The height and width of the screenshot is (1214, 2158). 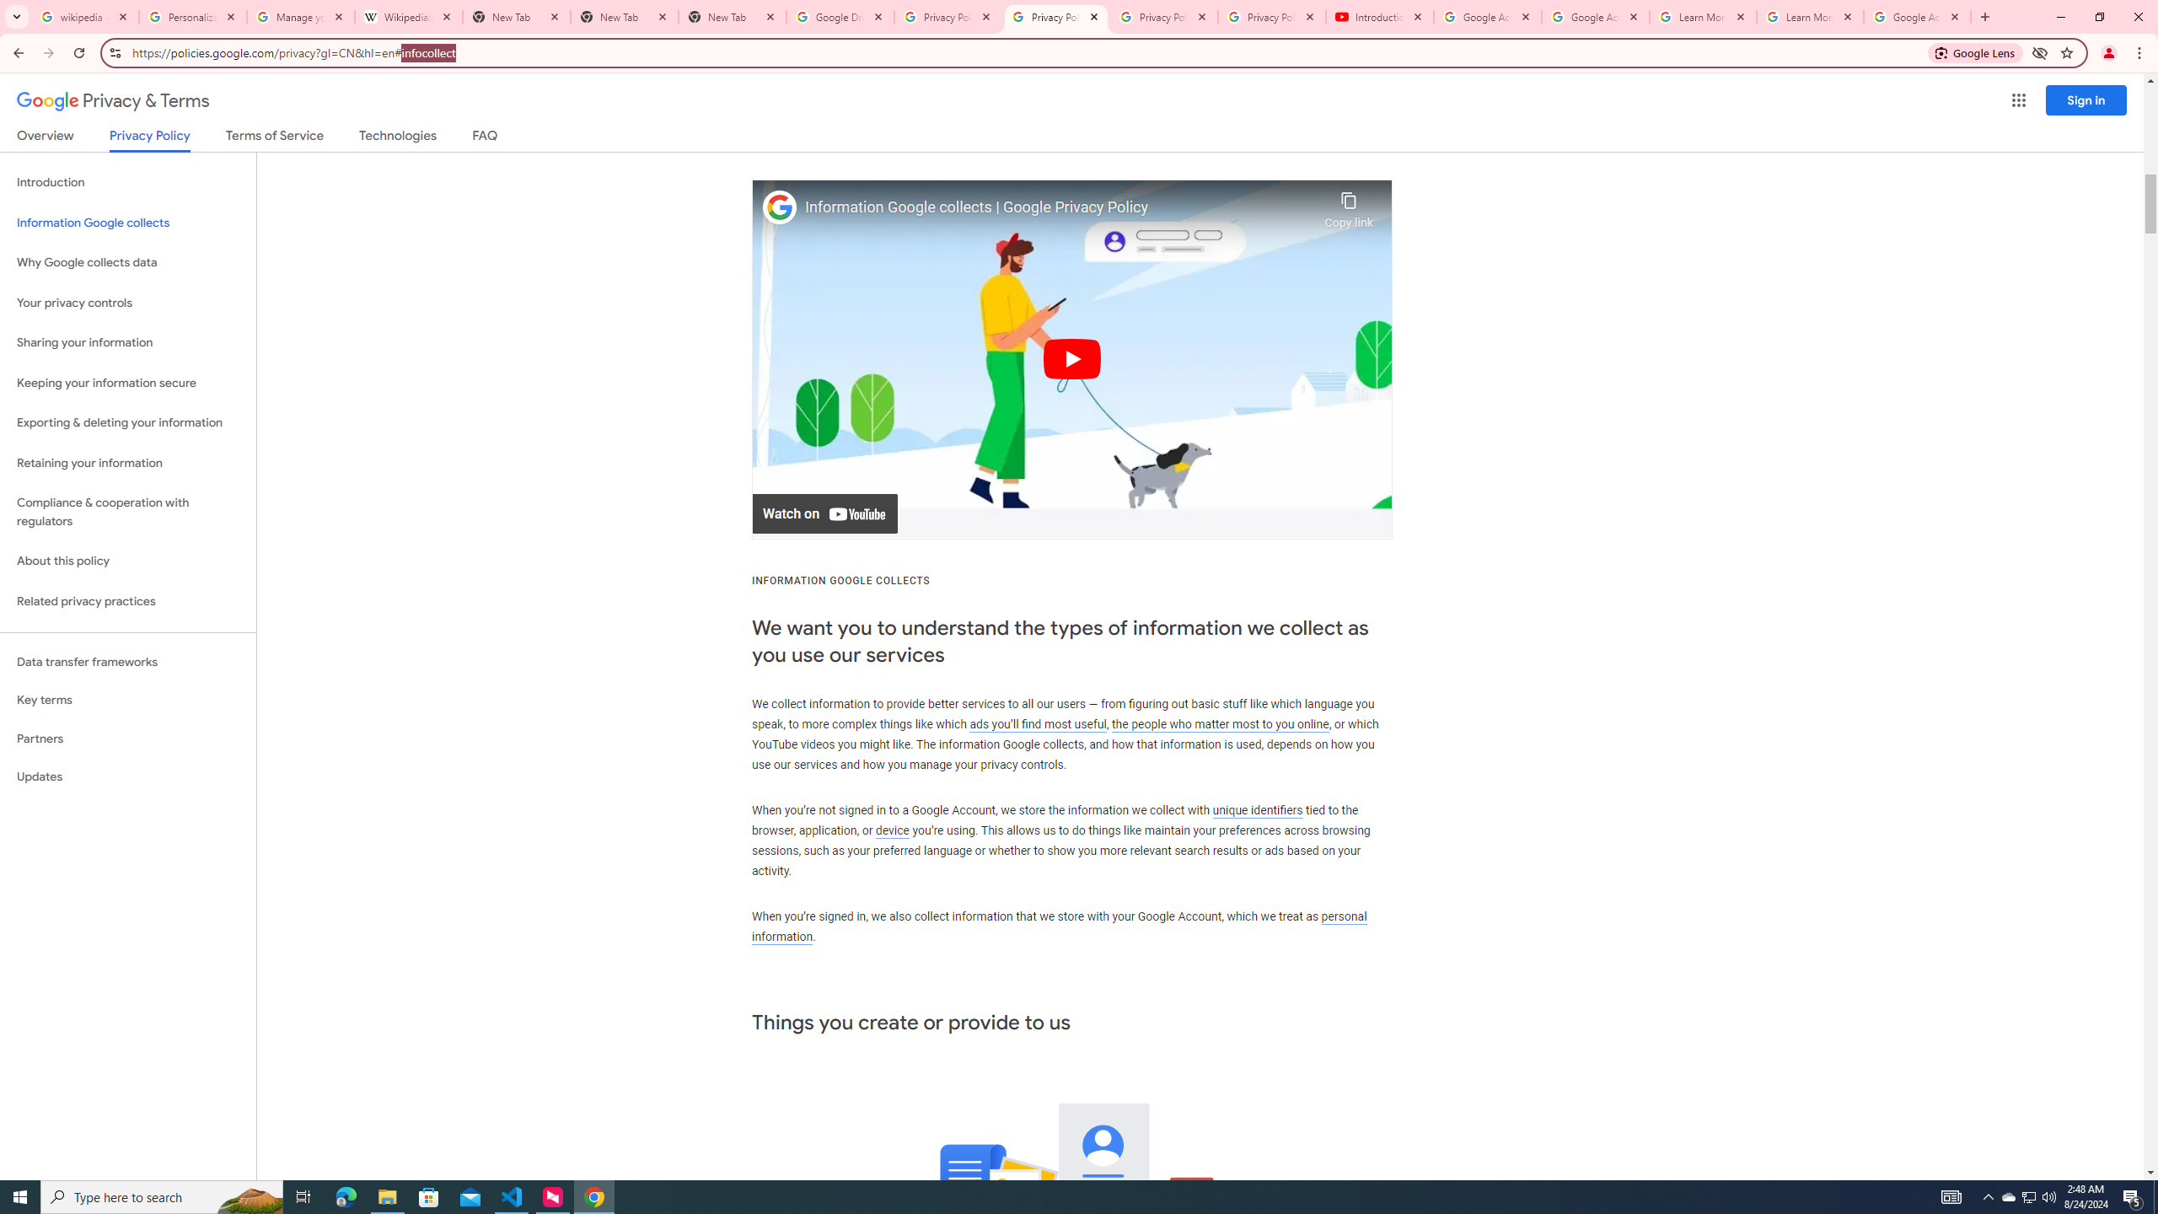 I want to click on 'Search with Google Lens', so click(x=1975, y=51).